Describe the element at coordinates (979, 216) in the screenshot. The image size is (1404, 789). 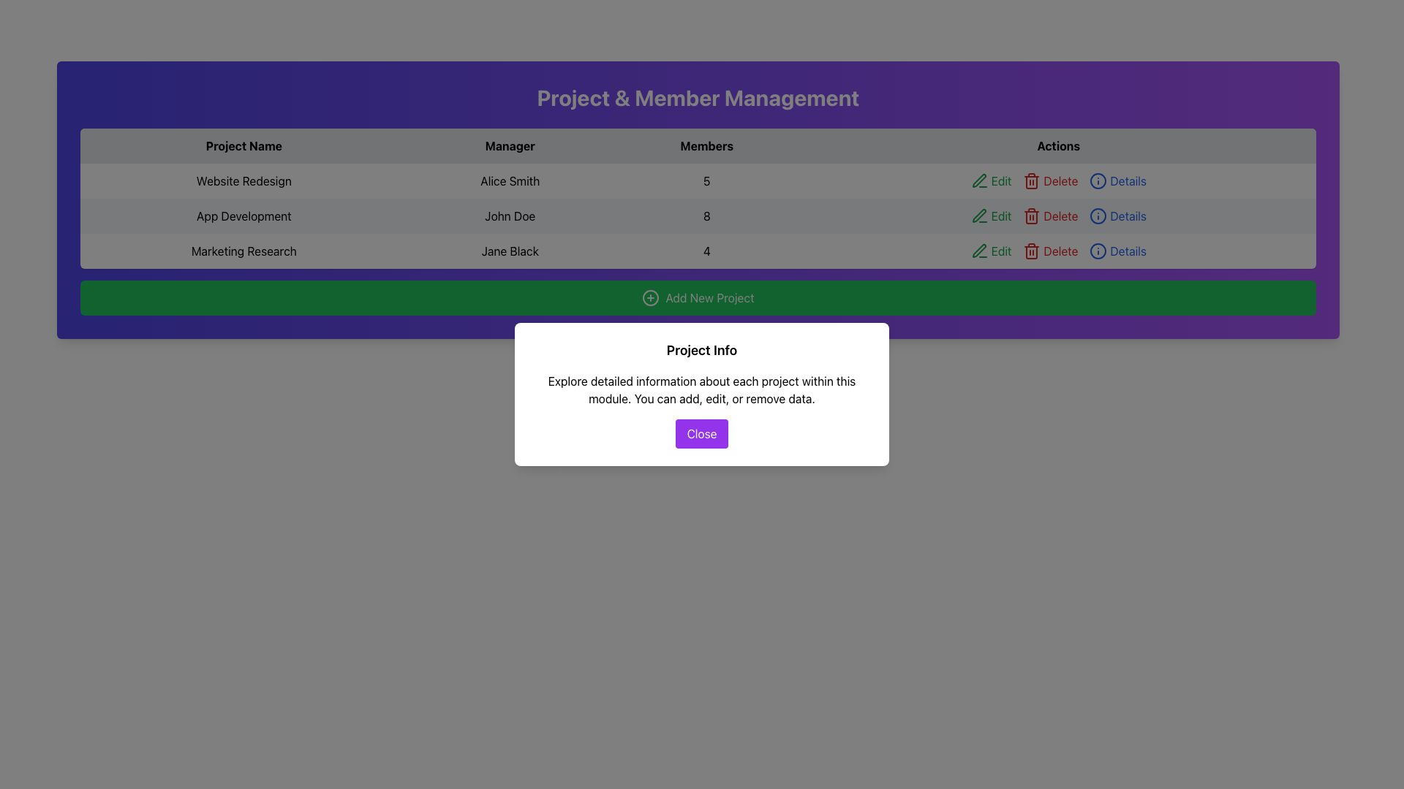
I see `the green pen icon button associated with the 'Edit' action in the 'Actions' column of the 'Project & Member Management' table for the 'App Development' project` at that location.